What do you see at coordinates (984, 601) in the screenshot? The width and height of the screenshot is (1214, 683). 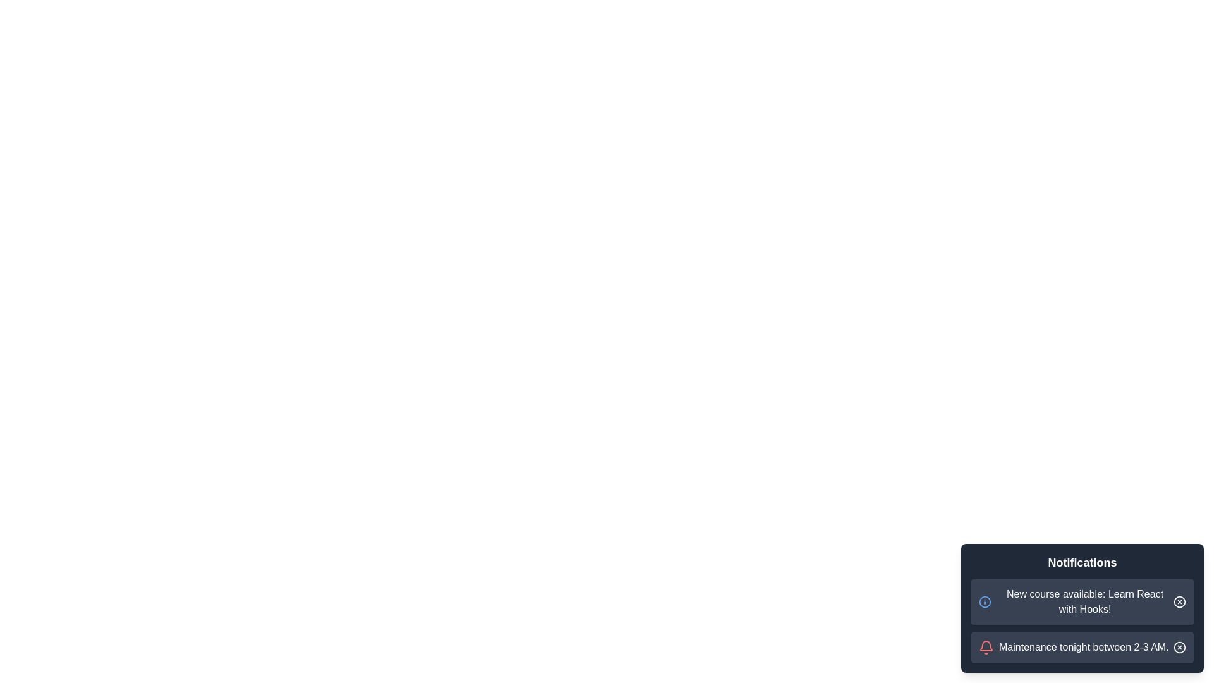 I see `the information icon of the first notification to trigger its feedback` at bounding box center [984, 601].